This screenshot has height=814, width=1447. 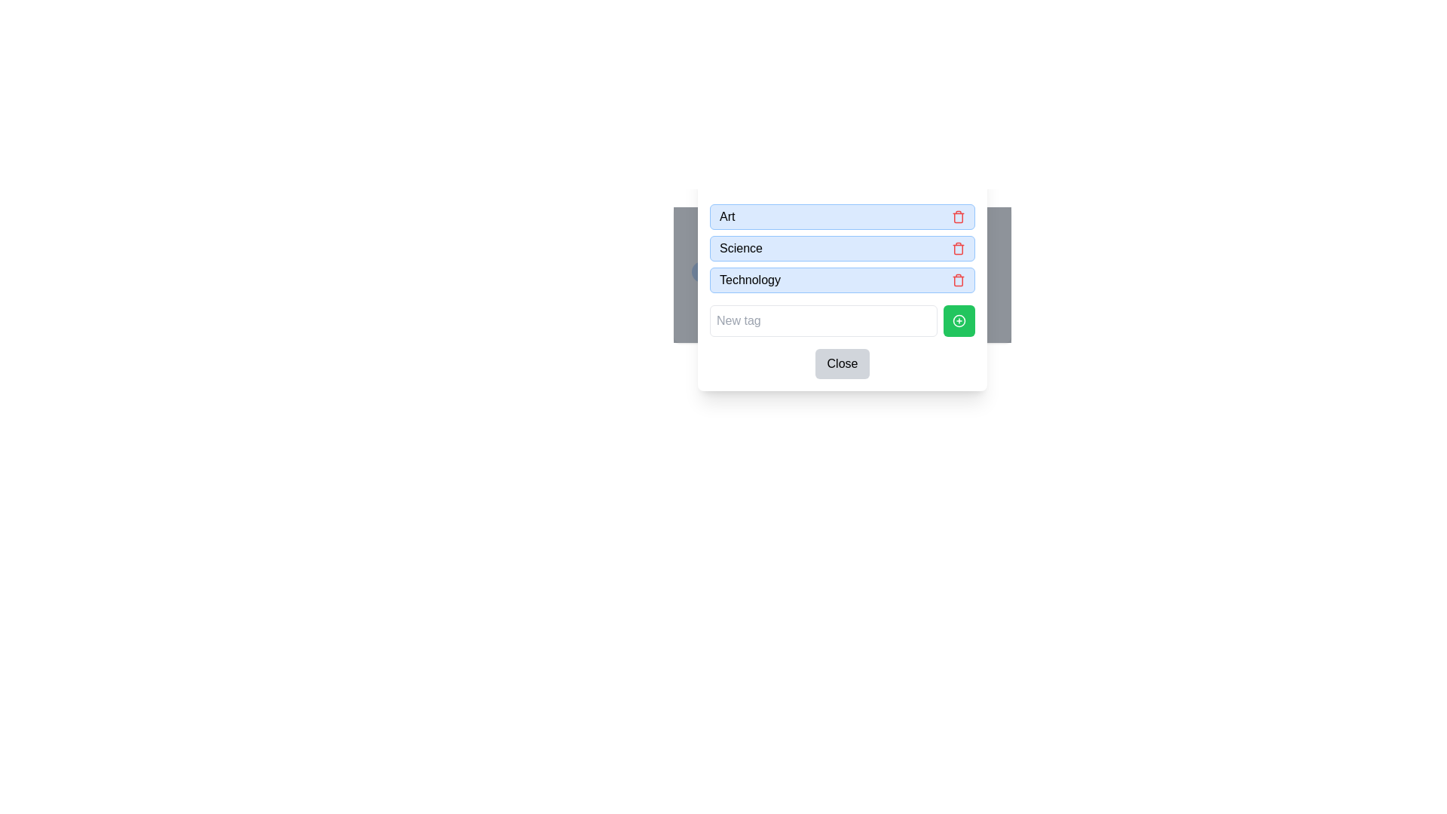 What do you see at coordinates (842, 275) in the screenshot?
I see `the 'Technology' button, which is the third button in a vertical list of labeled buttons under the 'Edit Tags' dialog box` at bounding box center [842, 275].